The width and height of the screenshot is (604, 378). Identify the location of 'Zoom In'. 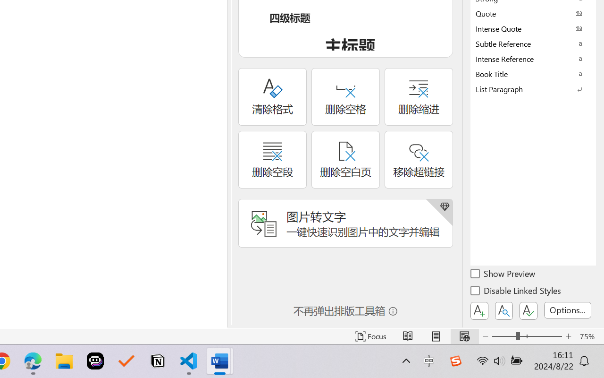
(568, 336).